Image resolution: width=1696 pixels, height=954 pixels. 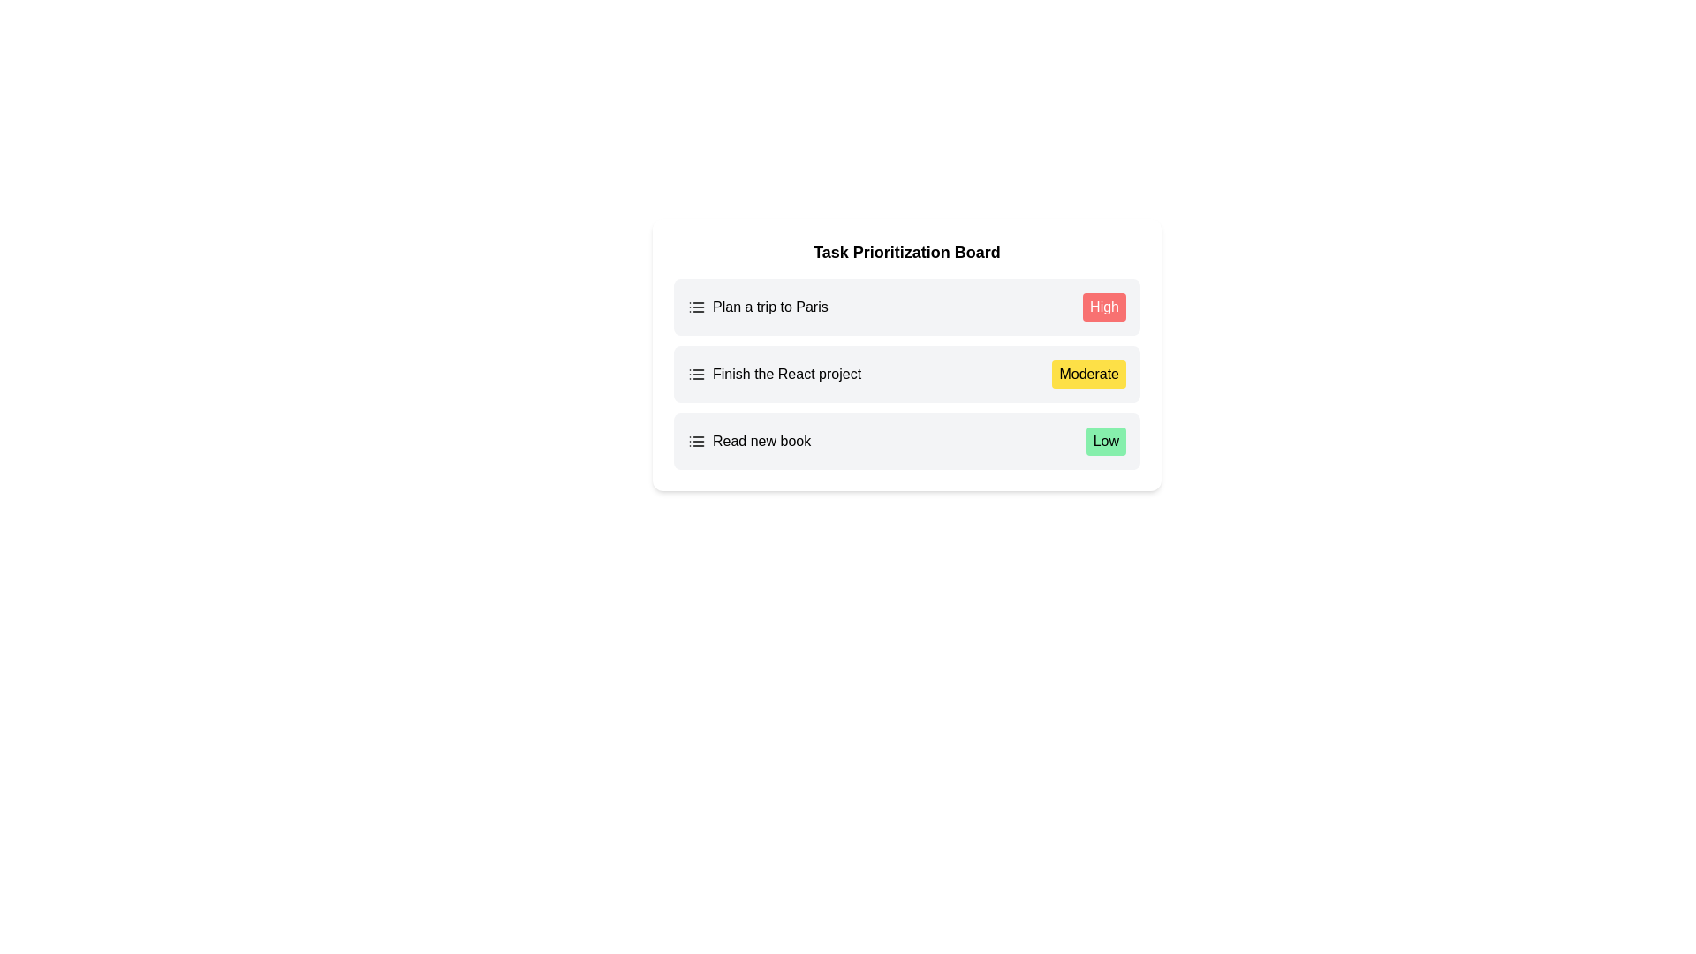 I want to click on the list icon SVG element located in the second row of the 'Task Prioritization Board', adjacent to the 'Finish the React project' text, so click(x=695, y=374).